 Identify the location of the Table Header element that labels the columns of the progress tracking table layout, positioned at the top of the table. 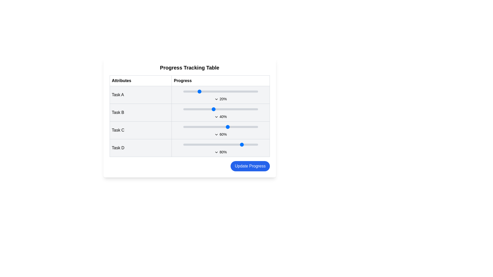
(189, 81).